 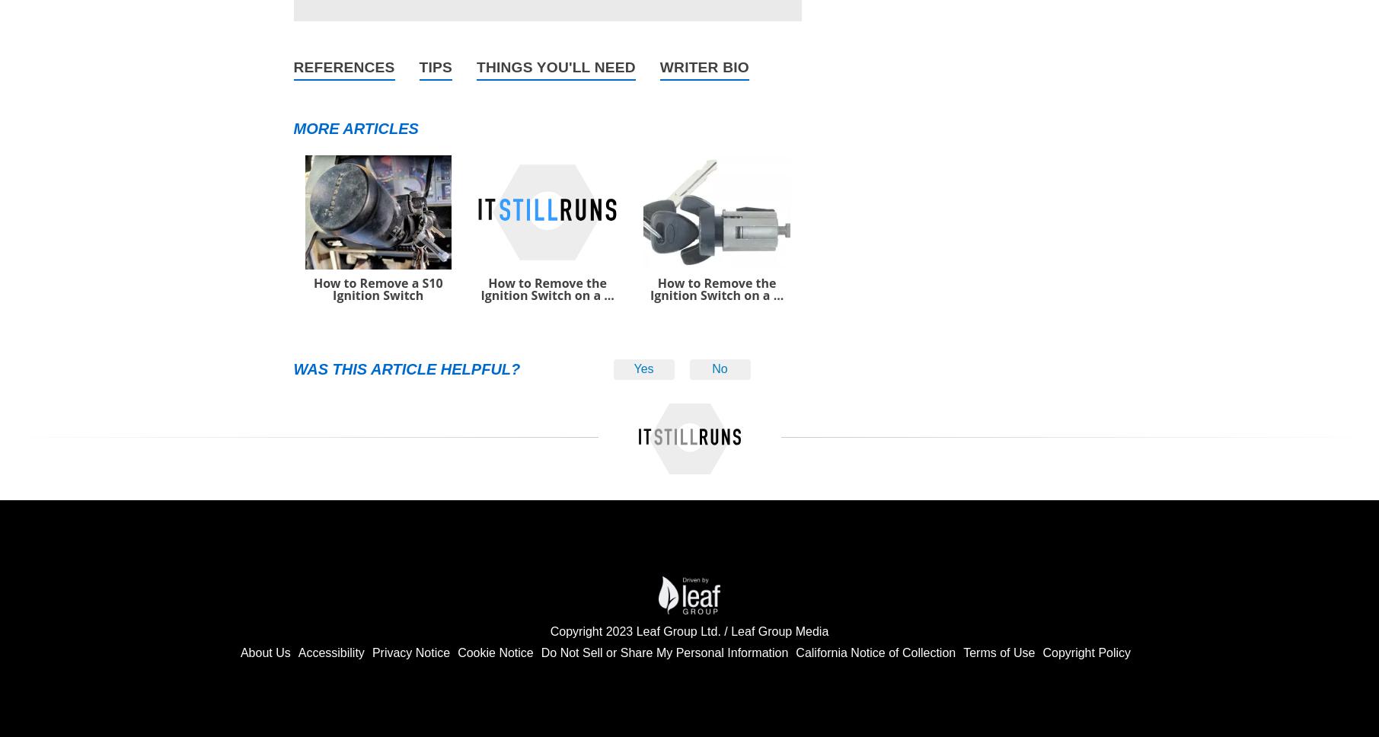 What do you see at coordinates (998, 652) in the screenshot?
I see `'Terms of Use'` at bounding box center [998, 652].